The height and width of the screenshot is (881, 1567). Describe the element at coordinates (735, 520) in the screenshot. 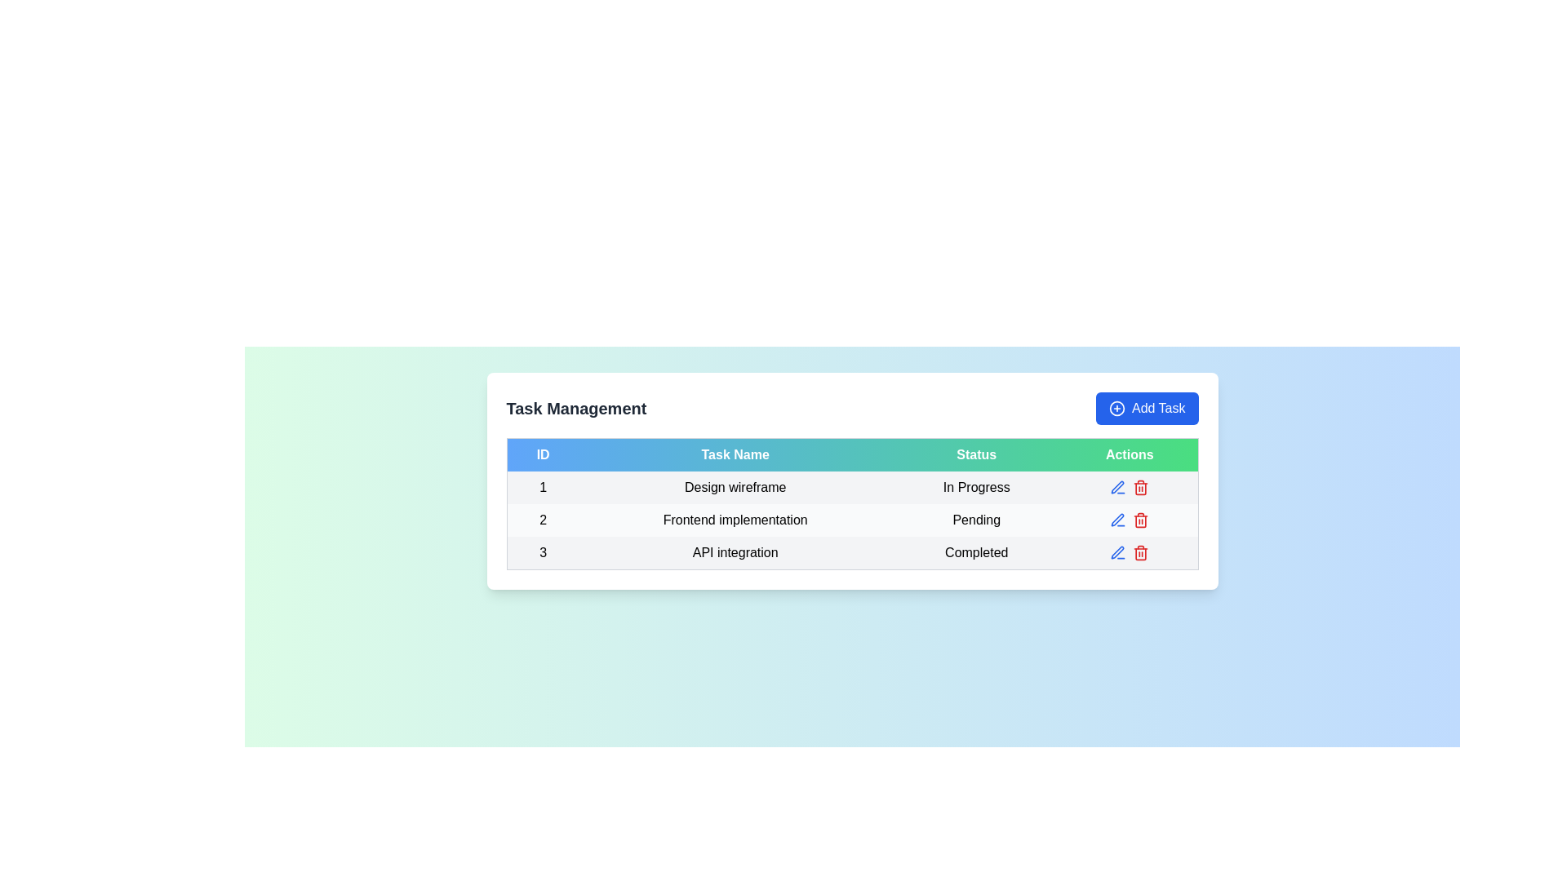

I see `the text label representing the name of the task in the second row of the task management table under the 'Task Name' column, which is adjacent to the 'Pending' status and numerical identifier '2'` at that location.